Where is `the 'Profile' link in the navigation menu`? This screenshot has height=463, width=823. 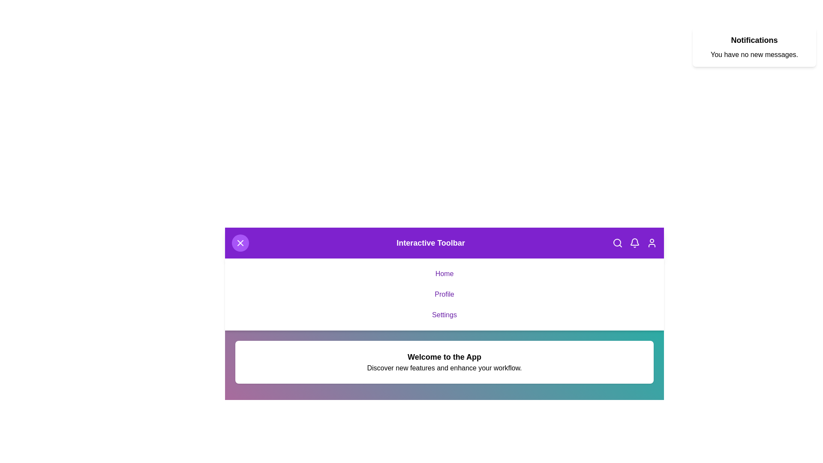
the 'Profile' link in the navigation menu is located at coordinates (444, 294).